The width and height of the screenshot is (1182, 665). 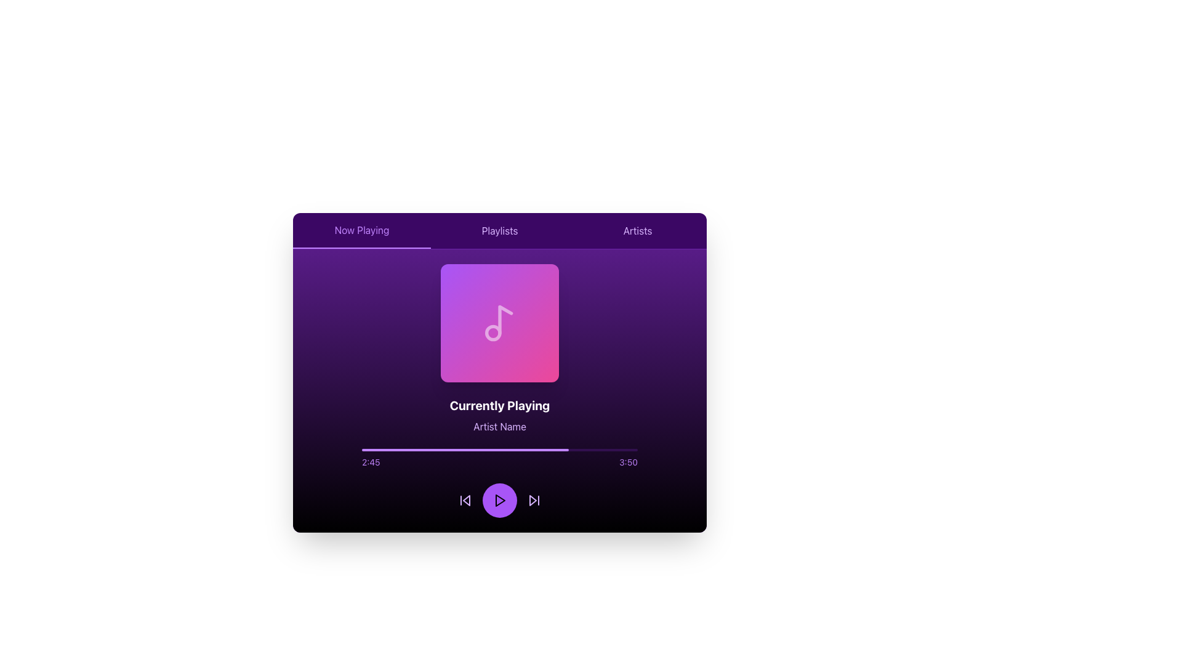 What do you see at coordinates (545, 450) in the screenshot?
I see `the media playback position` at bounding box center [545, 450].